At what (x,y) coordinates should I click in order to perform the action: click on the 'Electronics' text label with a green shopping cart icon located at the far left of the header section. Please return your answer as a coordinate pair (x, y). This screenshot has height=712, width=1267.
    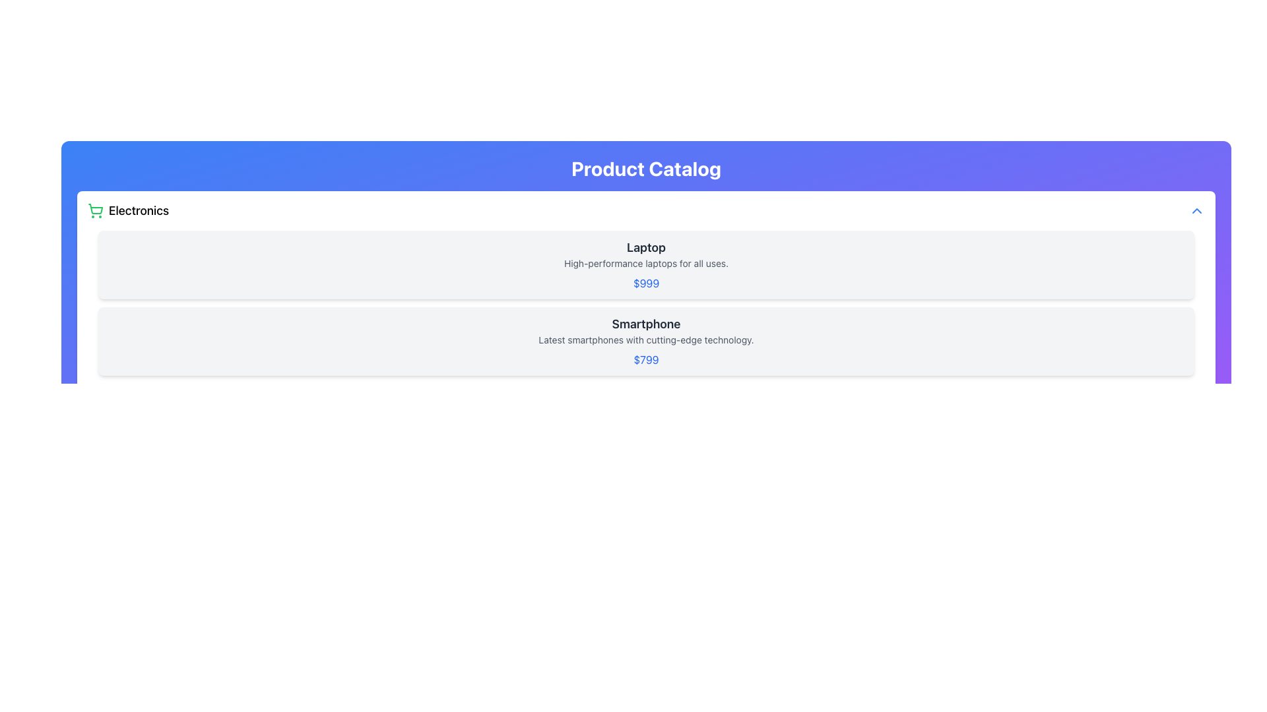
    Looking at the image, I should click on (128, 210).